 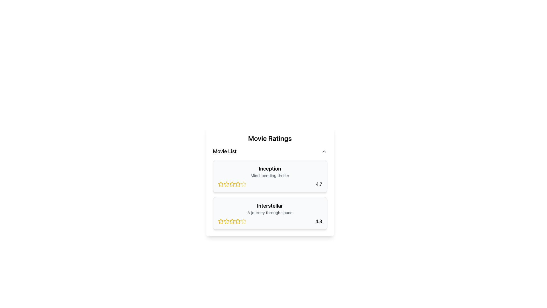 I want to click on the yellow star icon representing the fifth star in the 'Interstellar' rating section, so click(x=243, y=221).